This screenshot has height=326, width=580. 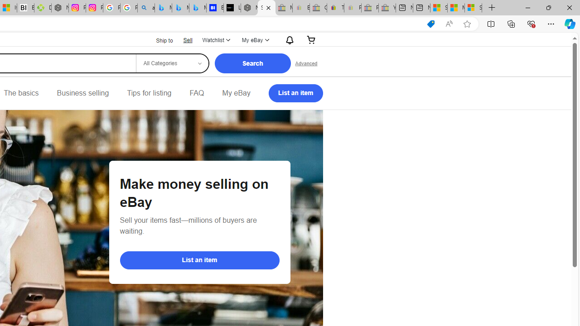 What do you see at coordinates (335, 8) in the screenshot?
I see `'Threats and offensive language policy | eBay'` at bounding box center [335, 8].